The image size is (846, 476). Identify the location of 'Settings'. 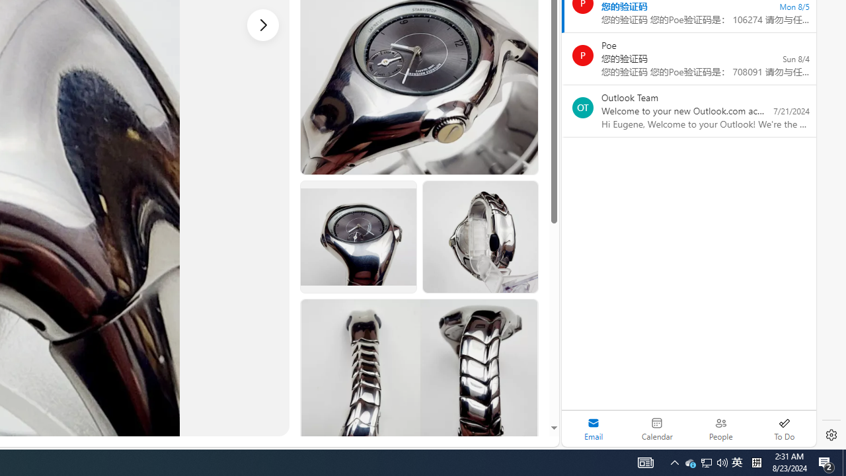
(831, 435).